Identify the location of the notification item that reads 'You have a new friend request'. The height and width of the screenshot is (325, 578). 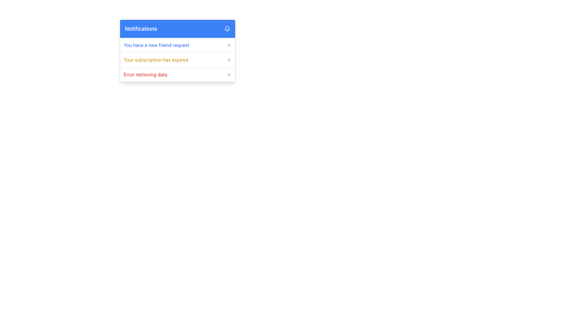
(177, 45).